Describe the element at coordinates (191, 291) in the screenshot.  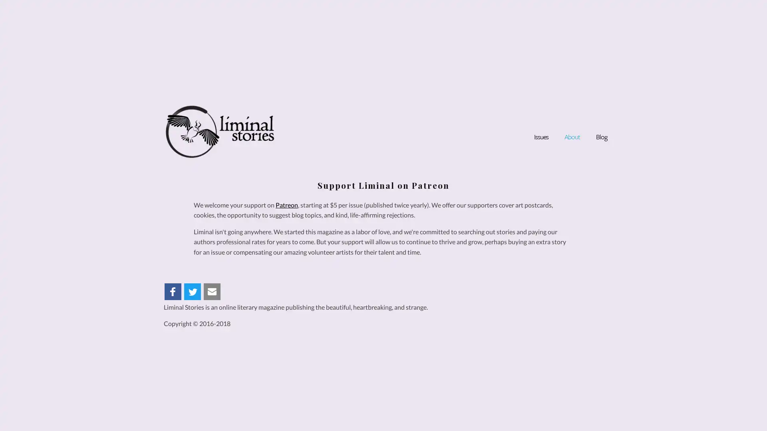
I see `Share to Twitter` at that location.